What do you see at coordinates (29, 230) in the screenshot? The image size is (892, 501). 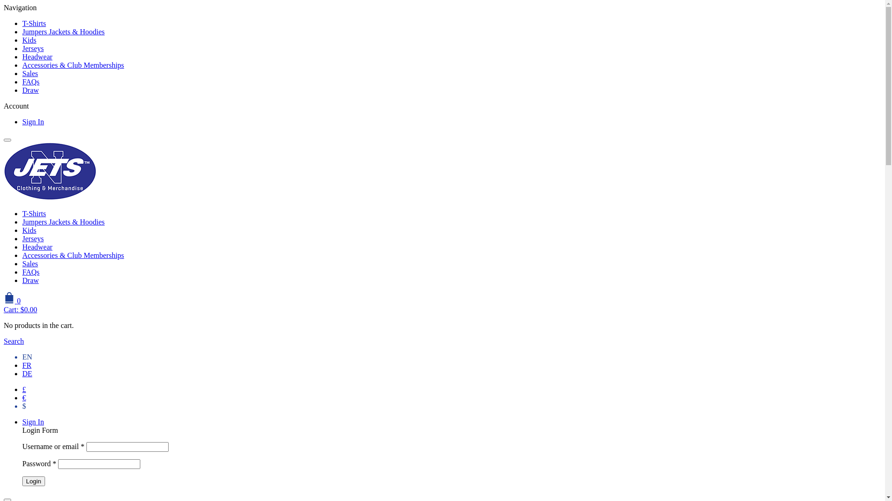 I see `'Kids'` at bounding box center [29, 230].